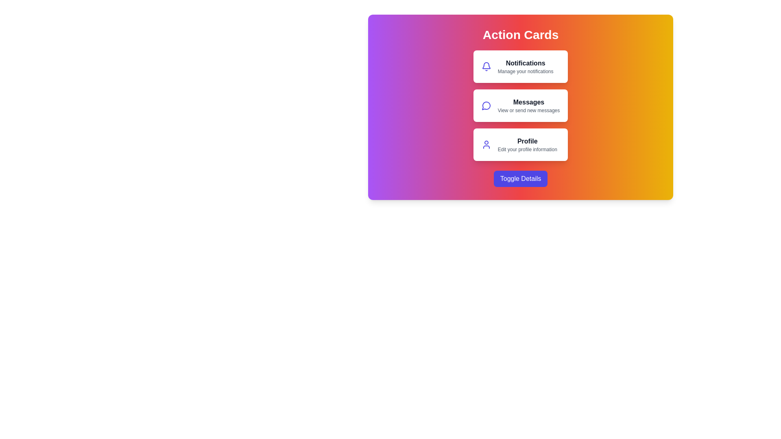  I want to click on text content of the Text Label located in the second card under 'Action Cards', which provides instructions related to messages, so click(529, 105).